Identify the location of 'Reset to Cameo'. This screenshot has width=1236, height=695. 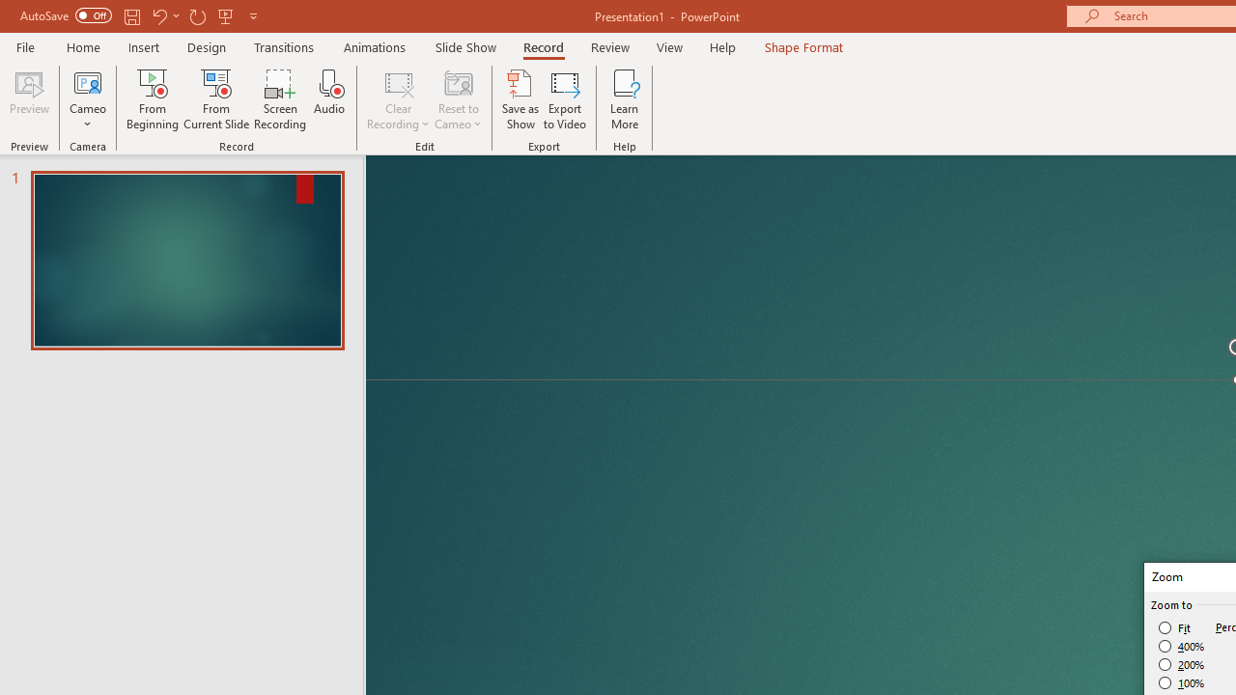
(457, 99).